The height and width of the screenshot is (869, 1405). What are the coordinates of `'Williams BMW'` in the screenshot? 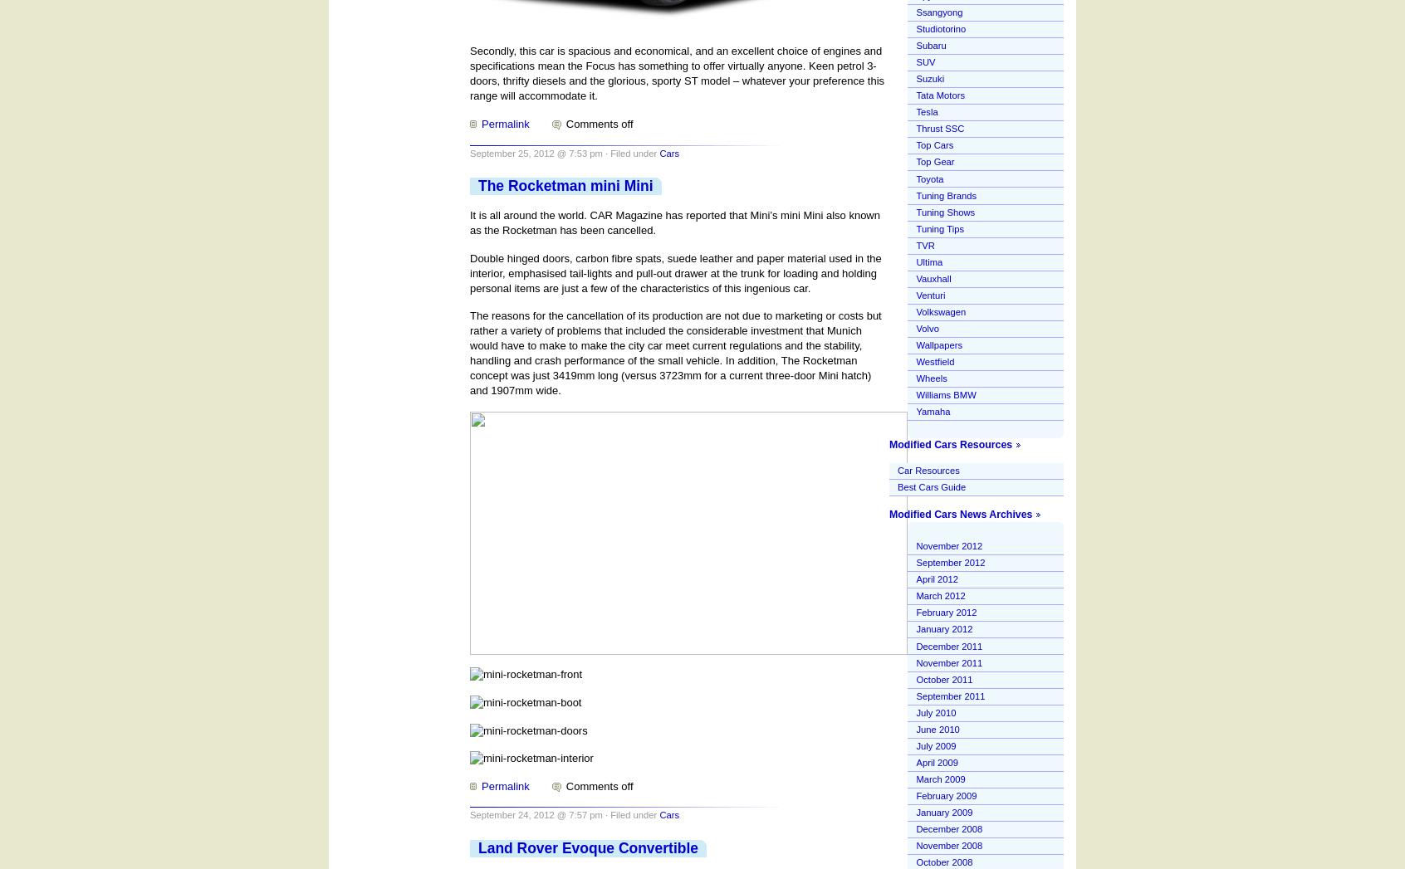 It's located at (945, 394).